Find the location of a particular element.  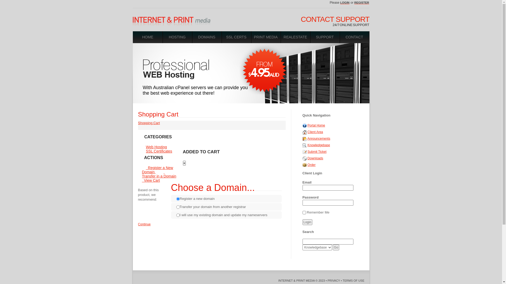

'Web Hosting' is located at coordinates (156, 147).